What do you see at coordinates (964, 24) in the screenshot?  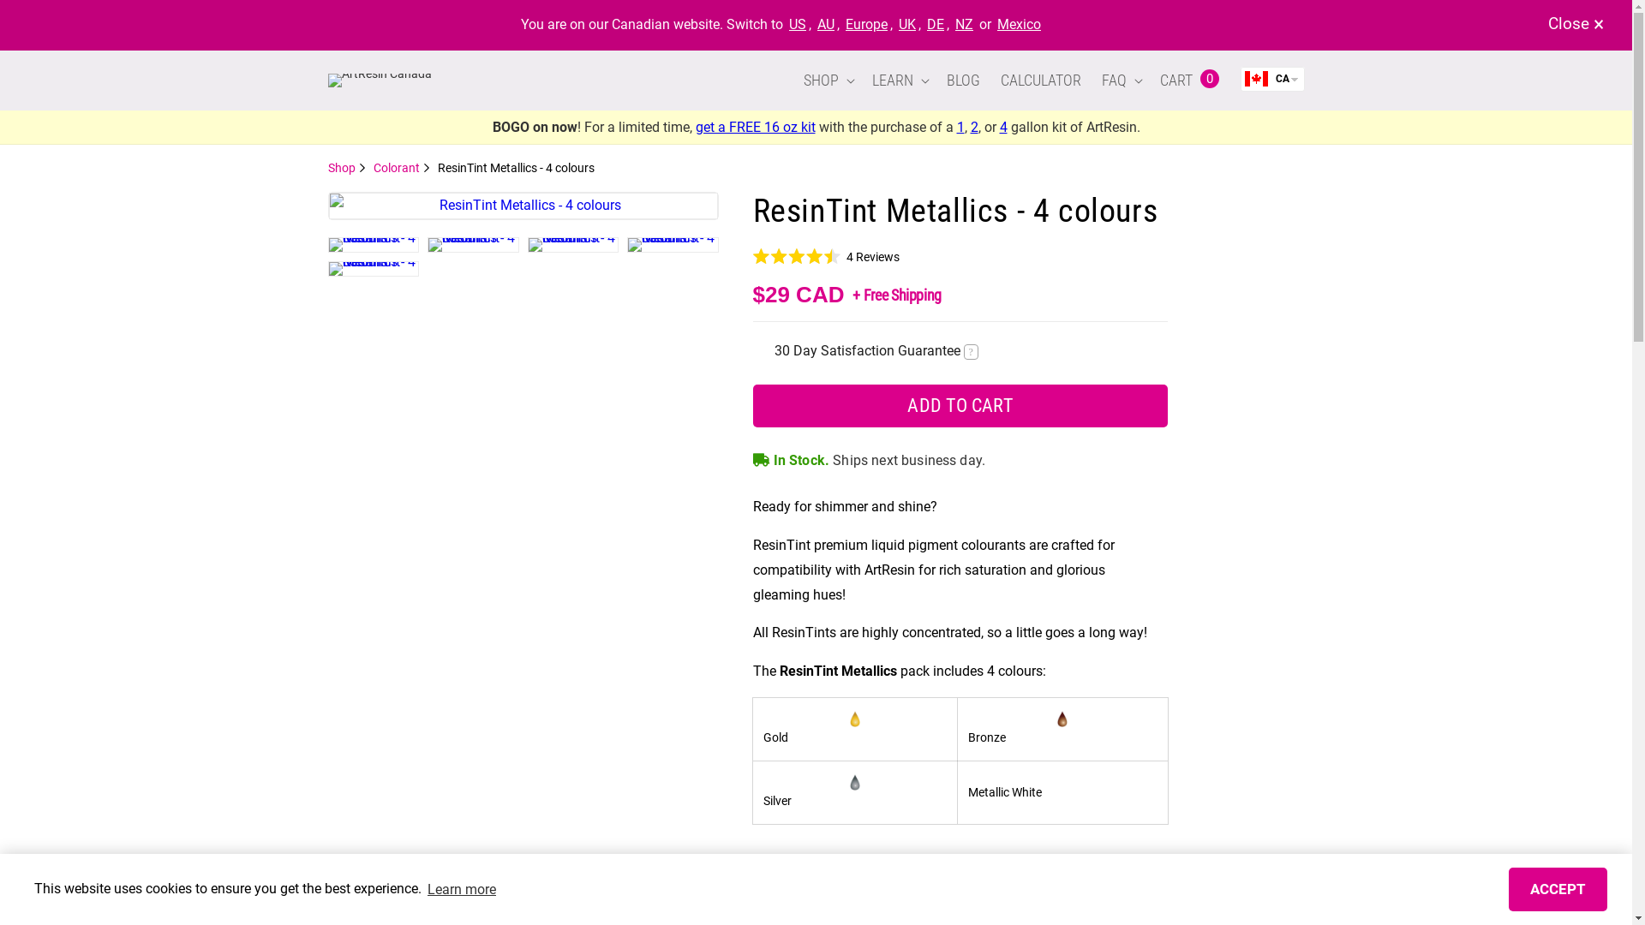 I see `'NZ'` at bounding box center [964, 24].